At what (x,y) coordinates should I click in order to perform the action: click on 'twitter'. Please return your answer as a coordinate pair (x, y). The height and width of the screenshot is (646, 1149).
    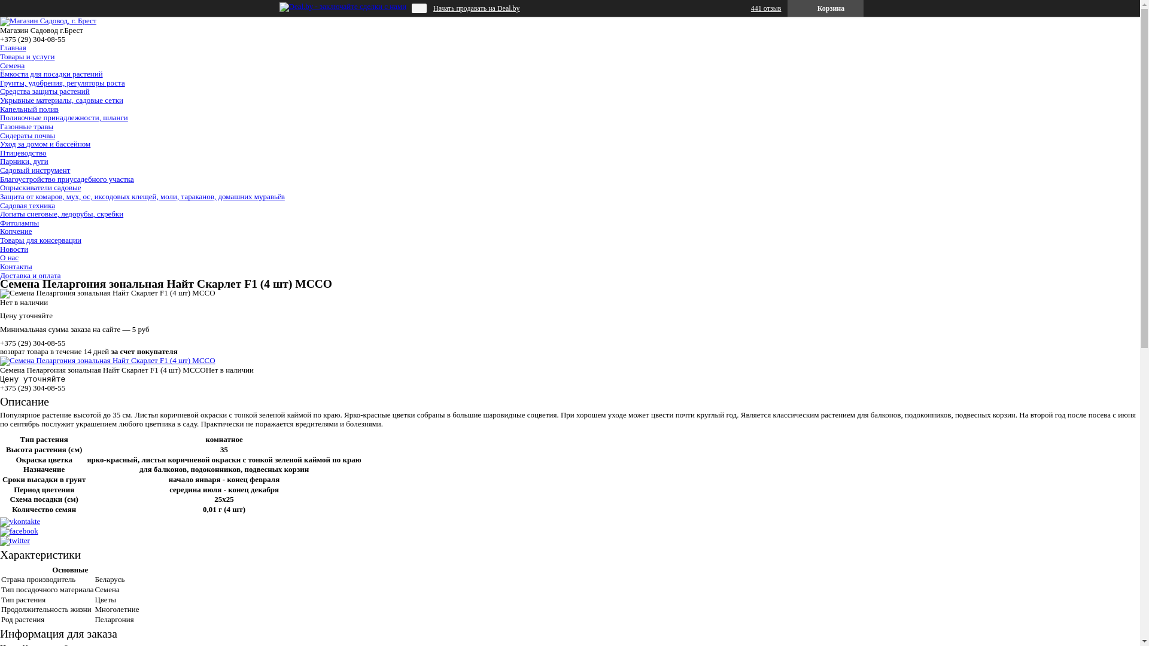
    Looking at the image, I should click on (0, 540).